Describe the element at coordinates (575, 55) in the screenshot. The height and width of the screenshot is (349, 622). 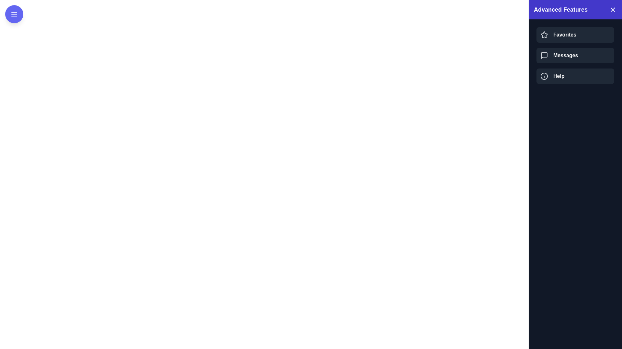
I see `the item Messages in the drawer to highlight it` at that location.